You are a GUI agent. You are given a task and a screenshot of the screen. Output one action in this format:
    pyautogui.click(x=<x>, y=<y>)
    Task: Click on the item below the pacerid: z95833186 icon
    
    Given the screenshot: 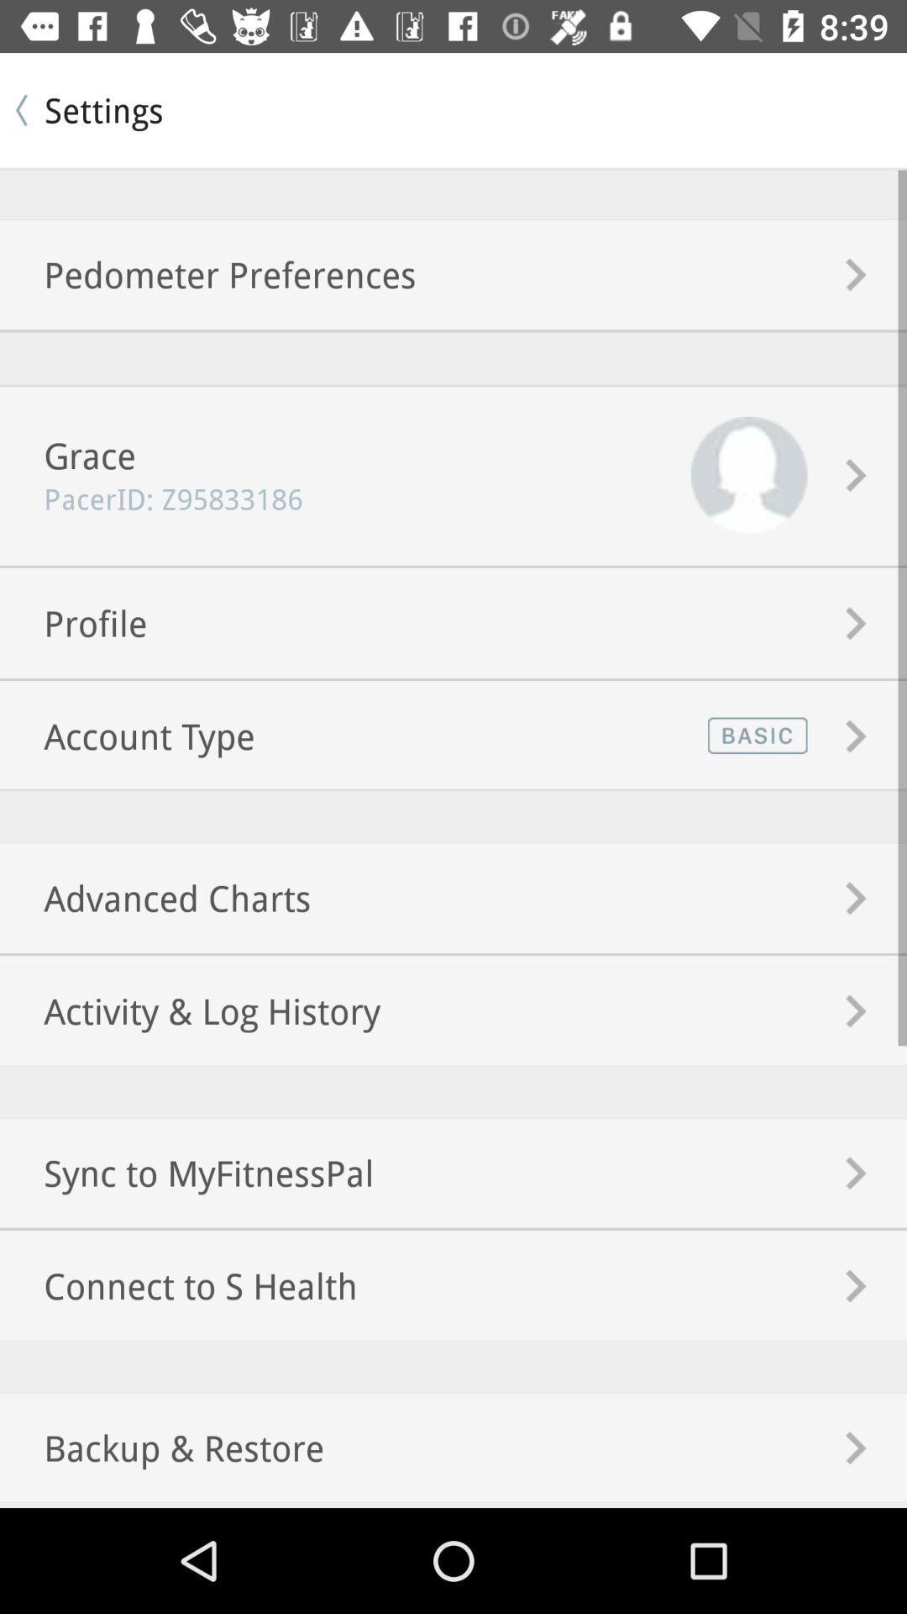 What is the action you would take?
    pyautogui.click(x=72, y=622)
    